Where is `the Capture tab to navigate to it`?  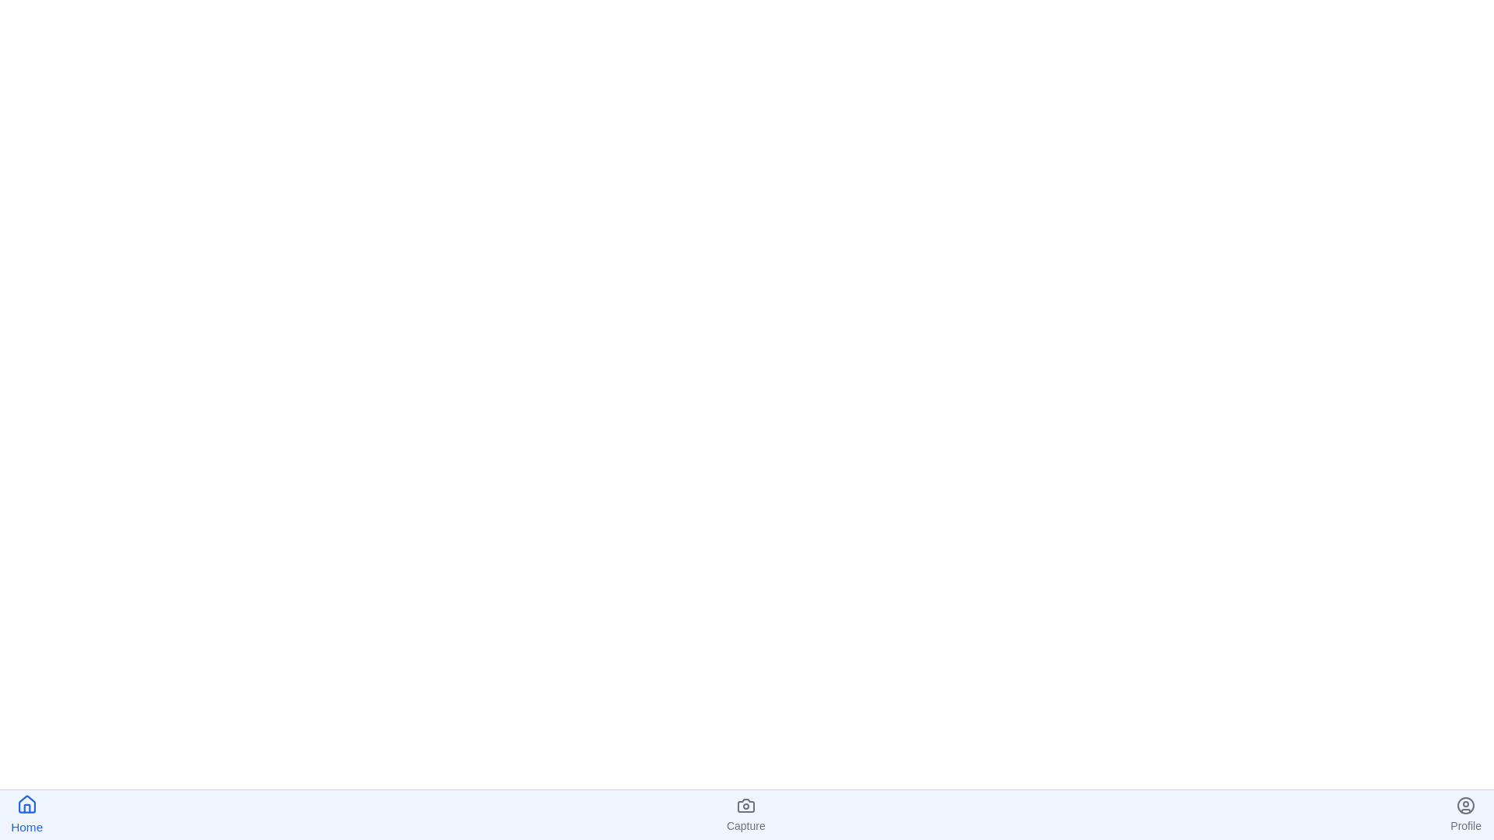 the Capture tab to navigate to it is located at coordinates (745, 814).